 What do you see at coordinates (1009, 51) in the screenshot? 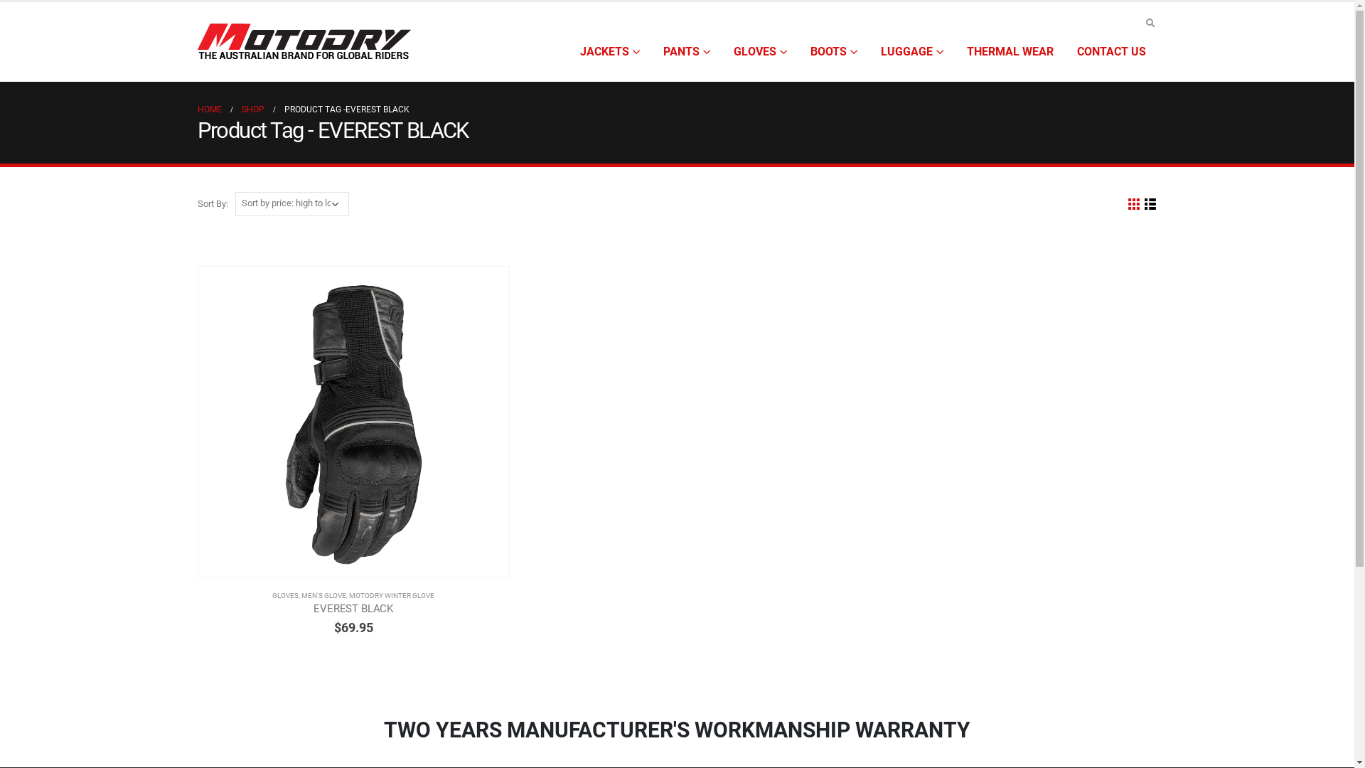
I see `'THERMAL WEAR'` at bounding box center [1009, 51].